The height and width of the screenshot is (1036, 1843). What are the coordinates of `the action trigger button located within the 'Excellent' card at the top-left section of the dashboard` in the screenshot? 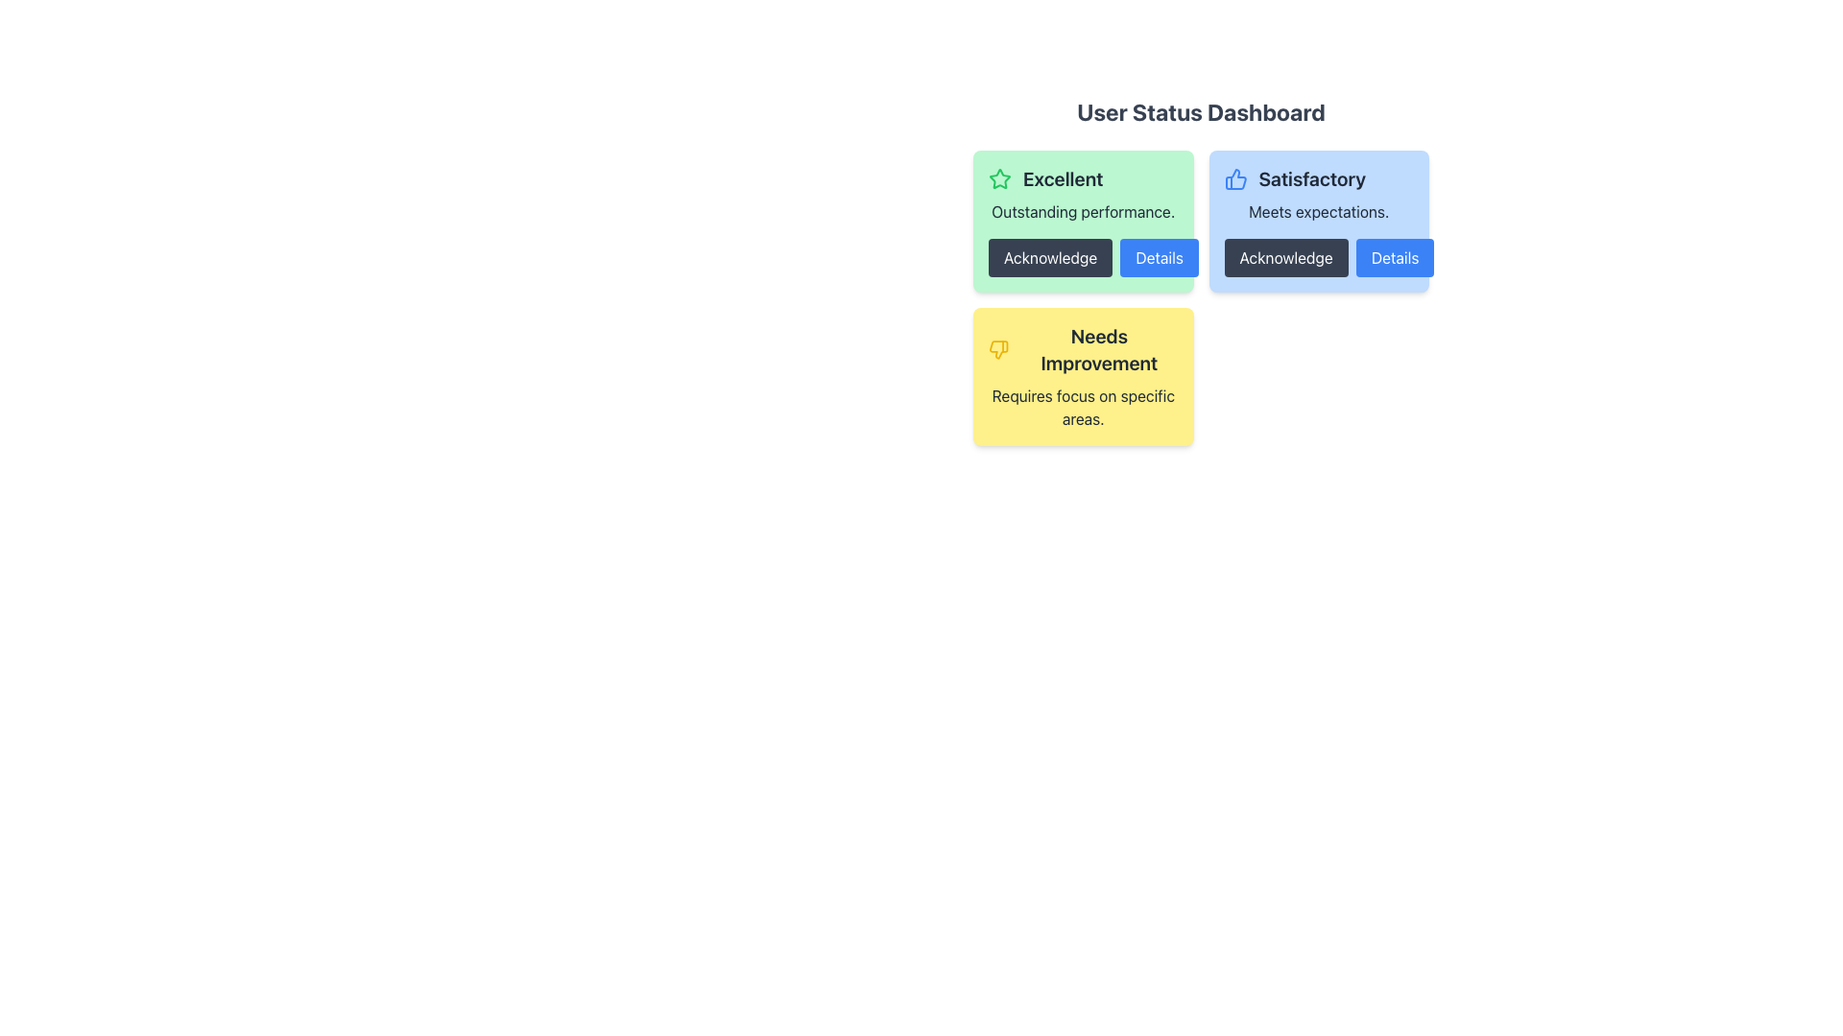 It's located at (1083, 257).